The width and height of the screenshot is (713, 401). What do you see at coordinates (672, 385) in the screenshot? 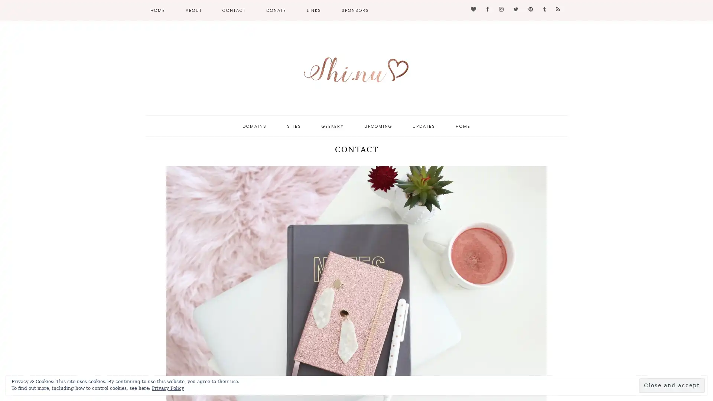
I see `Close and accept` at bounding box center [672, 385].